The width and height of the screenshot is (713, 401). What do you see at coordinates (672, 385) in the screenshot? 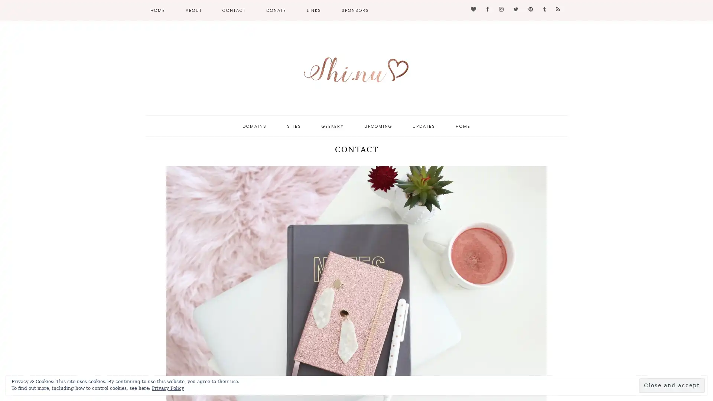
I see `Close and accept` at bounding box center [672, 385].